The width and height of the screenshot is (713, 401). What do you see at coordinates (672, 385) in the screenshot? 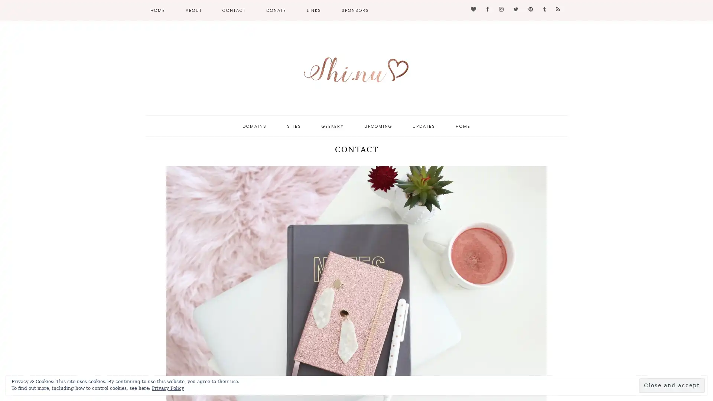
I see `Close and accept` at bounding box center [672, 385].